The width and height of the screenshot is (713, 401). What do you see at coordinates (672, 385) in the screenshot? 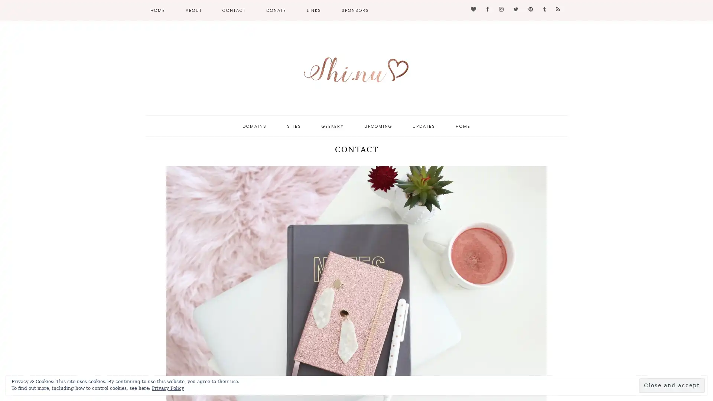
I see `Close and accept` at bounding box center [672, 385].